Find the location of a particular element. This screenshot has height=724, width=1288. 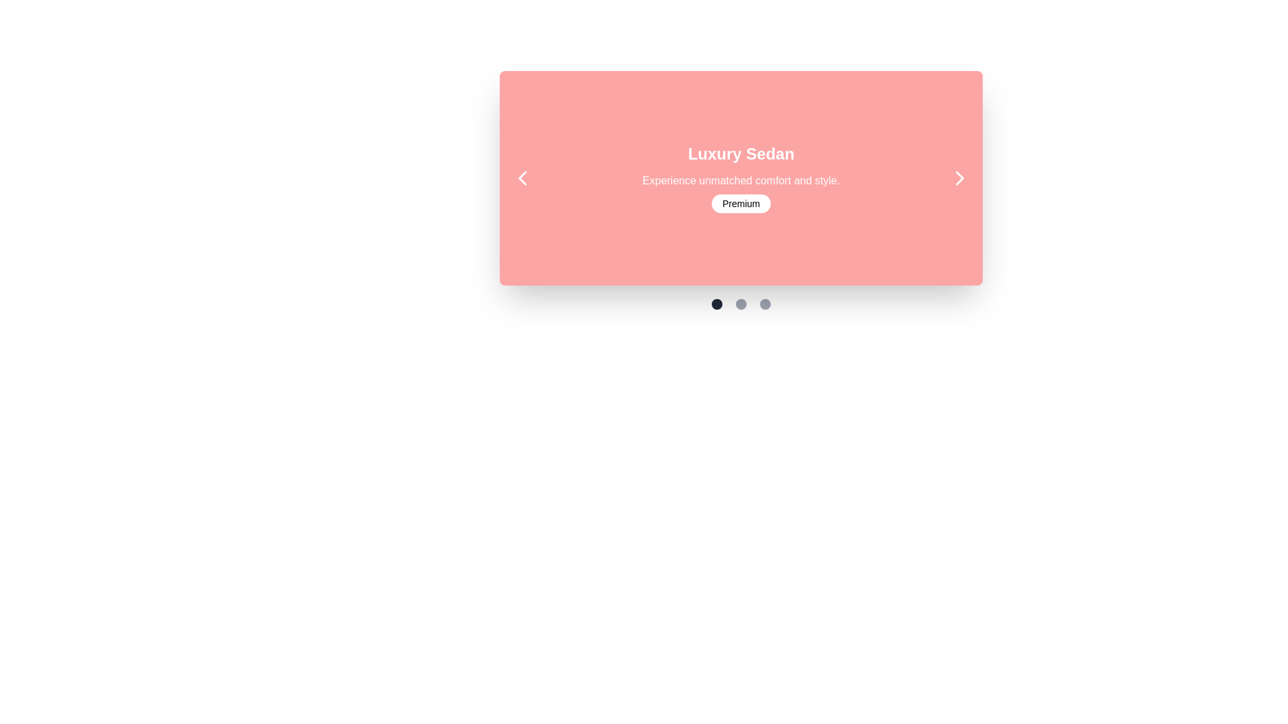

the third circular navigation button located at the bottom of the panel, which is part of a carousel or slideshow component is located at coordinates (765, 304).